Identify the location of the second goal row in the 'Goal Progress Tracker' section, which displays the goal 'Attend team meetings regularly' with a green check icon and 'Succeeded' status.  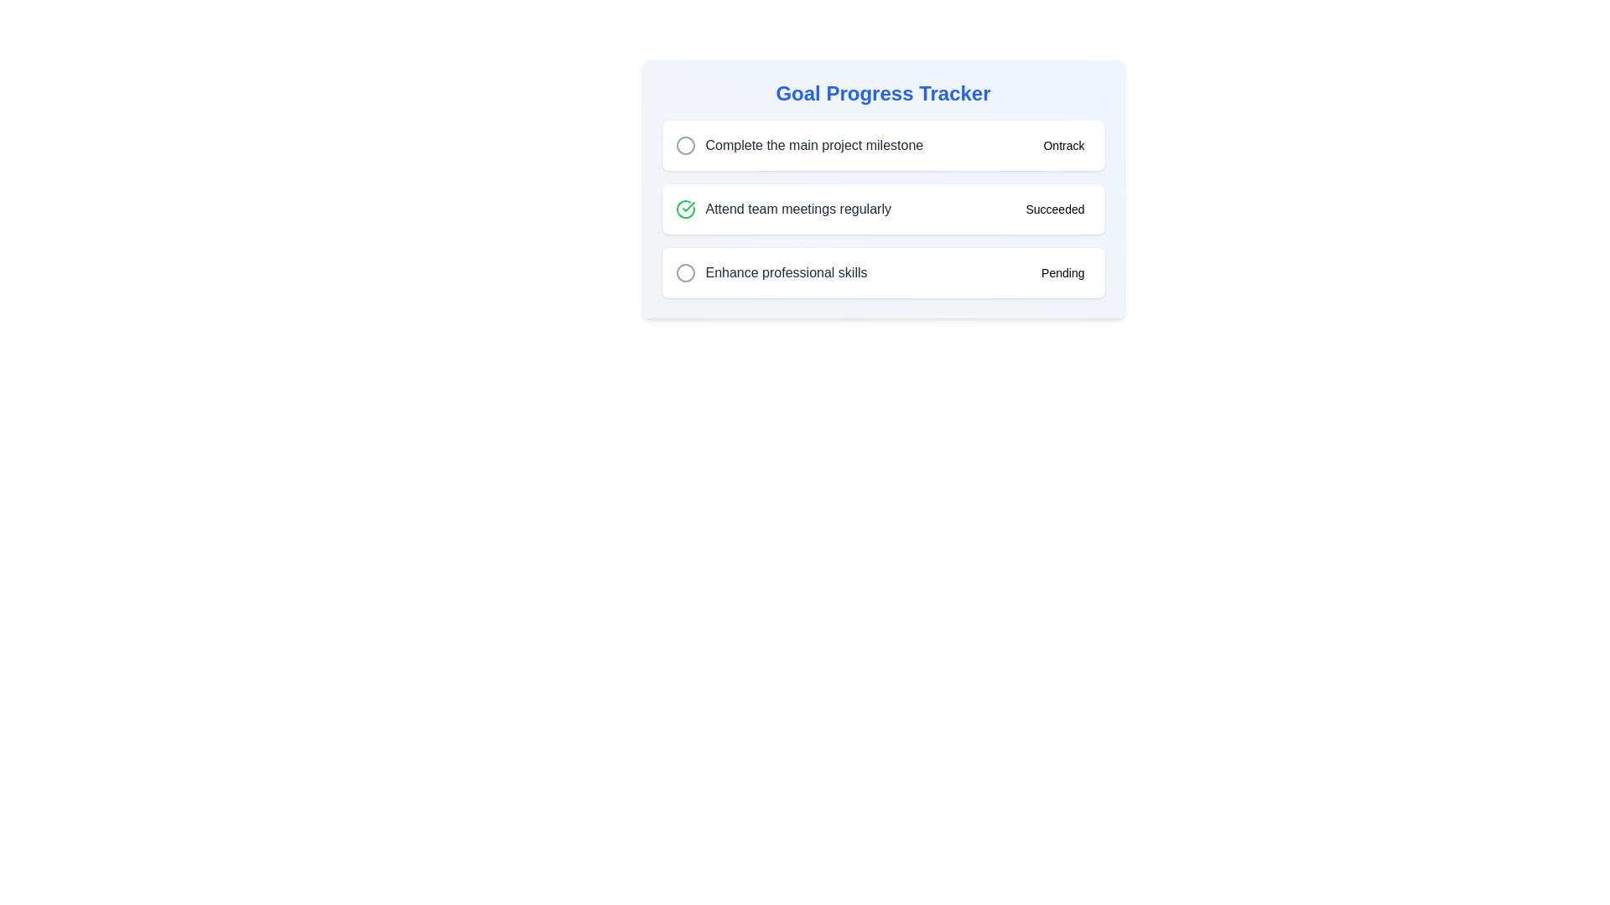
(882, 197).